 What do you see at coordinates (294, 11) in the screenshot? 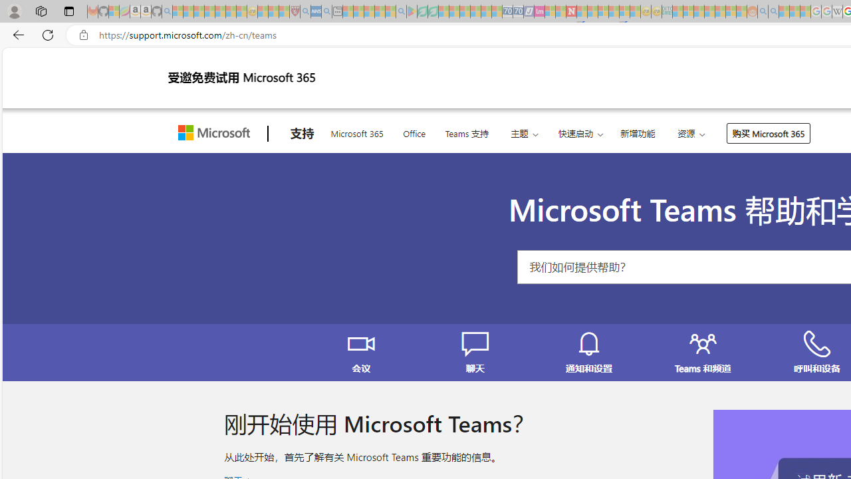
I see `'Robert H. Shmerling, MD - Harvard Health - Sleeping'` at bounding box center [294, 11].